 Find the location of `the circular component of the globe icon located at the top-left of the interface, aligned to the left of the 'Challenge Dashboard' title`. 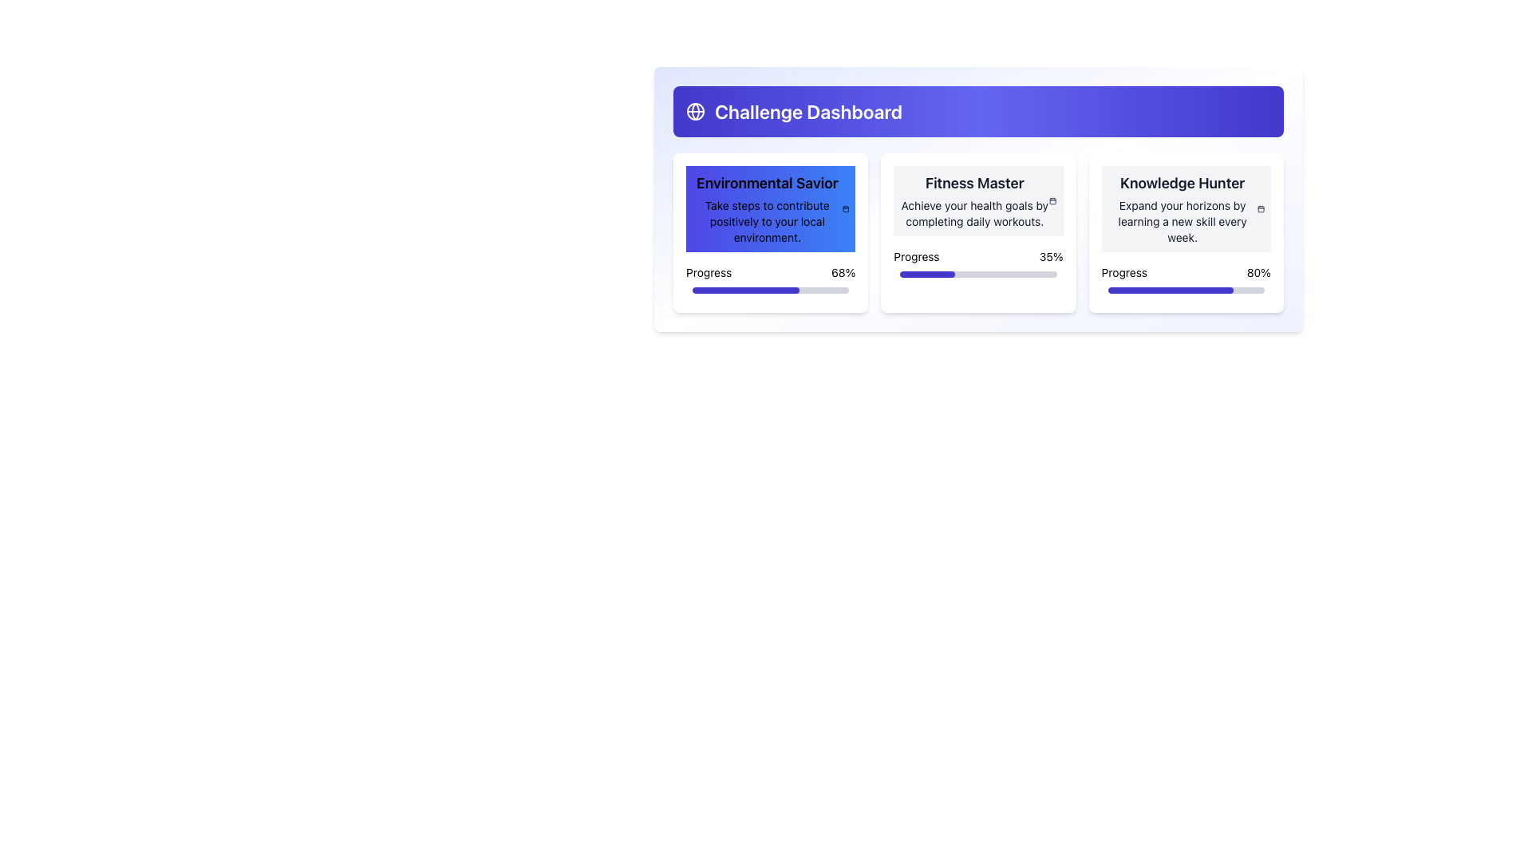

the circular component of the globe icon located at the top-left of the interface, aligned to the left of the 'Challenge Dashboard' title is located at coordinates (696, 110).